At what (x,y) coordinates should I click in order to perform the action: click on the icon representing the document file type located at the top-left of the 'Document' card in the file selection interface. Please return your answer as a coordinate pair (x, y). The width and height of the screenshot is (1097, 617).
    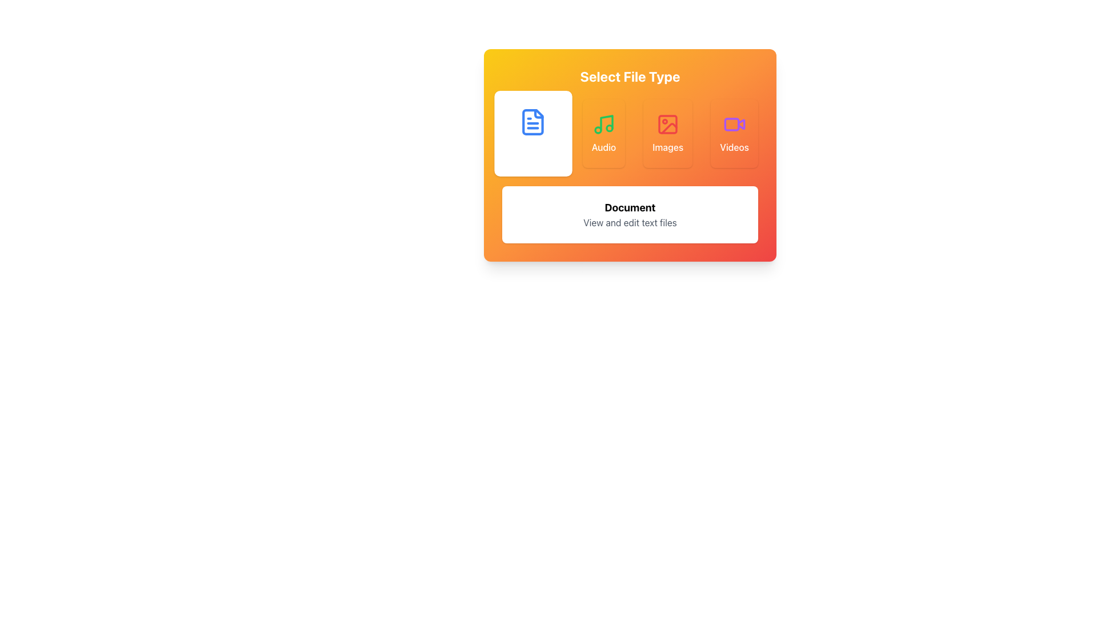
    Looking at the image, I should click on (532, 122).